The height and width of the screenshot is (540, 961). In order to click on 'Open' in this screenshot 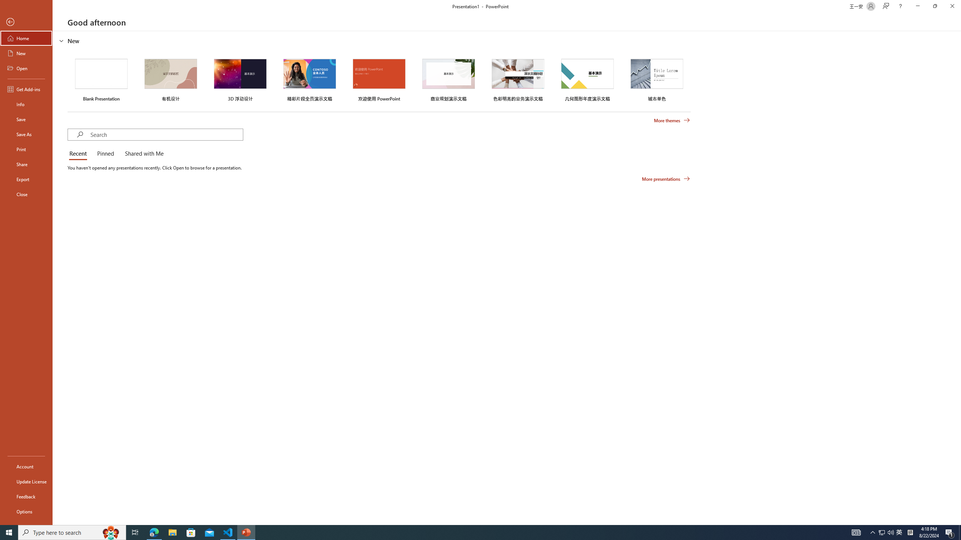, I will do `click(26, 67)`.